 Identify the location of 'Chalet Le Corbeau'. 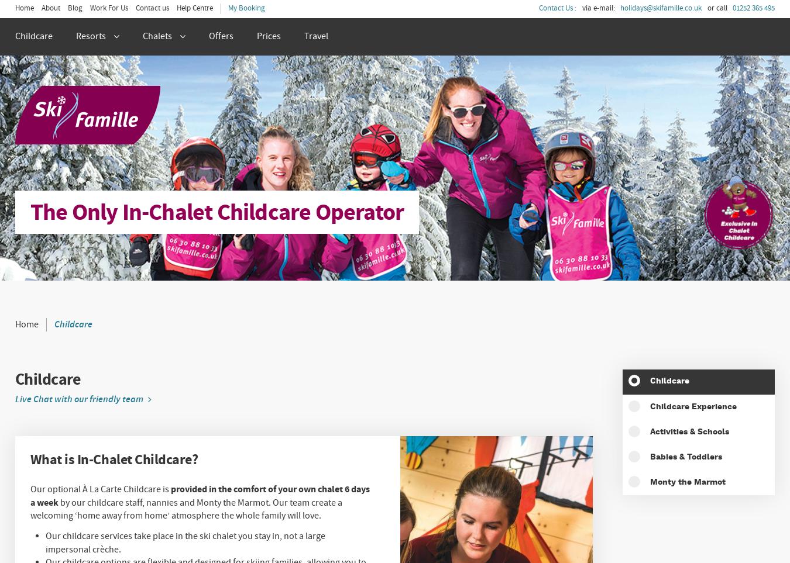
(54, 144).